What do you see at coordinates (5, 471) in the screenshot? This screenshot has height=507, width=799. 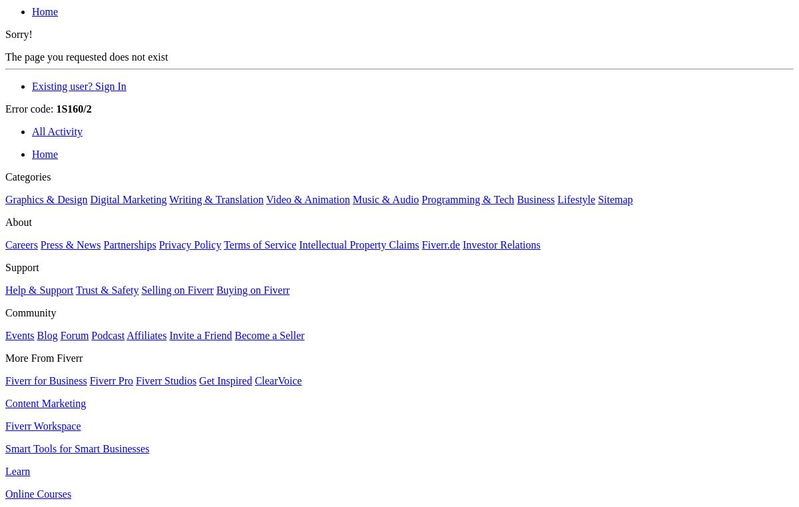 I see `'Learn'` at bounding box center [5, 471].